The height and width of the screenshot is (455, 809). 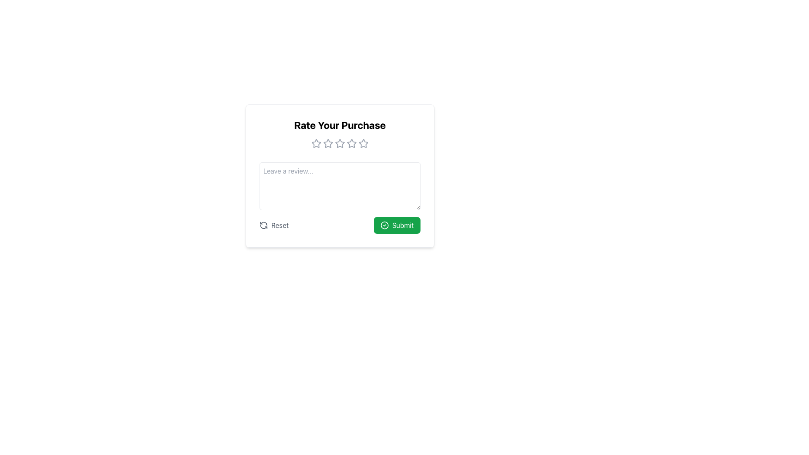 I want to click on the first hollow star icon in the rating system above the 'Leave a review...' text box to rate it, so click(x=316, y=143).